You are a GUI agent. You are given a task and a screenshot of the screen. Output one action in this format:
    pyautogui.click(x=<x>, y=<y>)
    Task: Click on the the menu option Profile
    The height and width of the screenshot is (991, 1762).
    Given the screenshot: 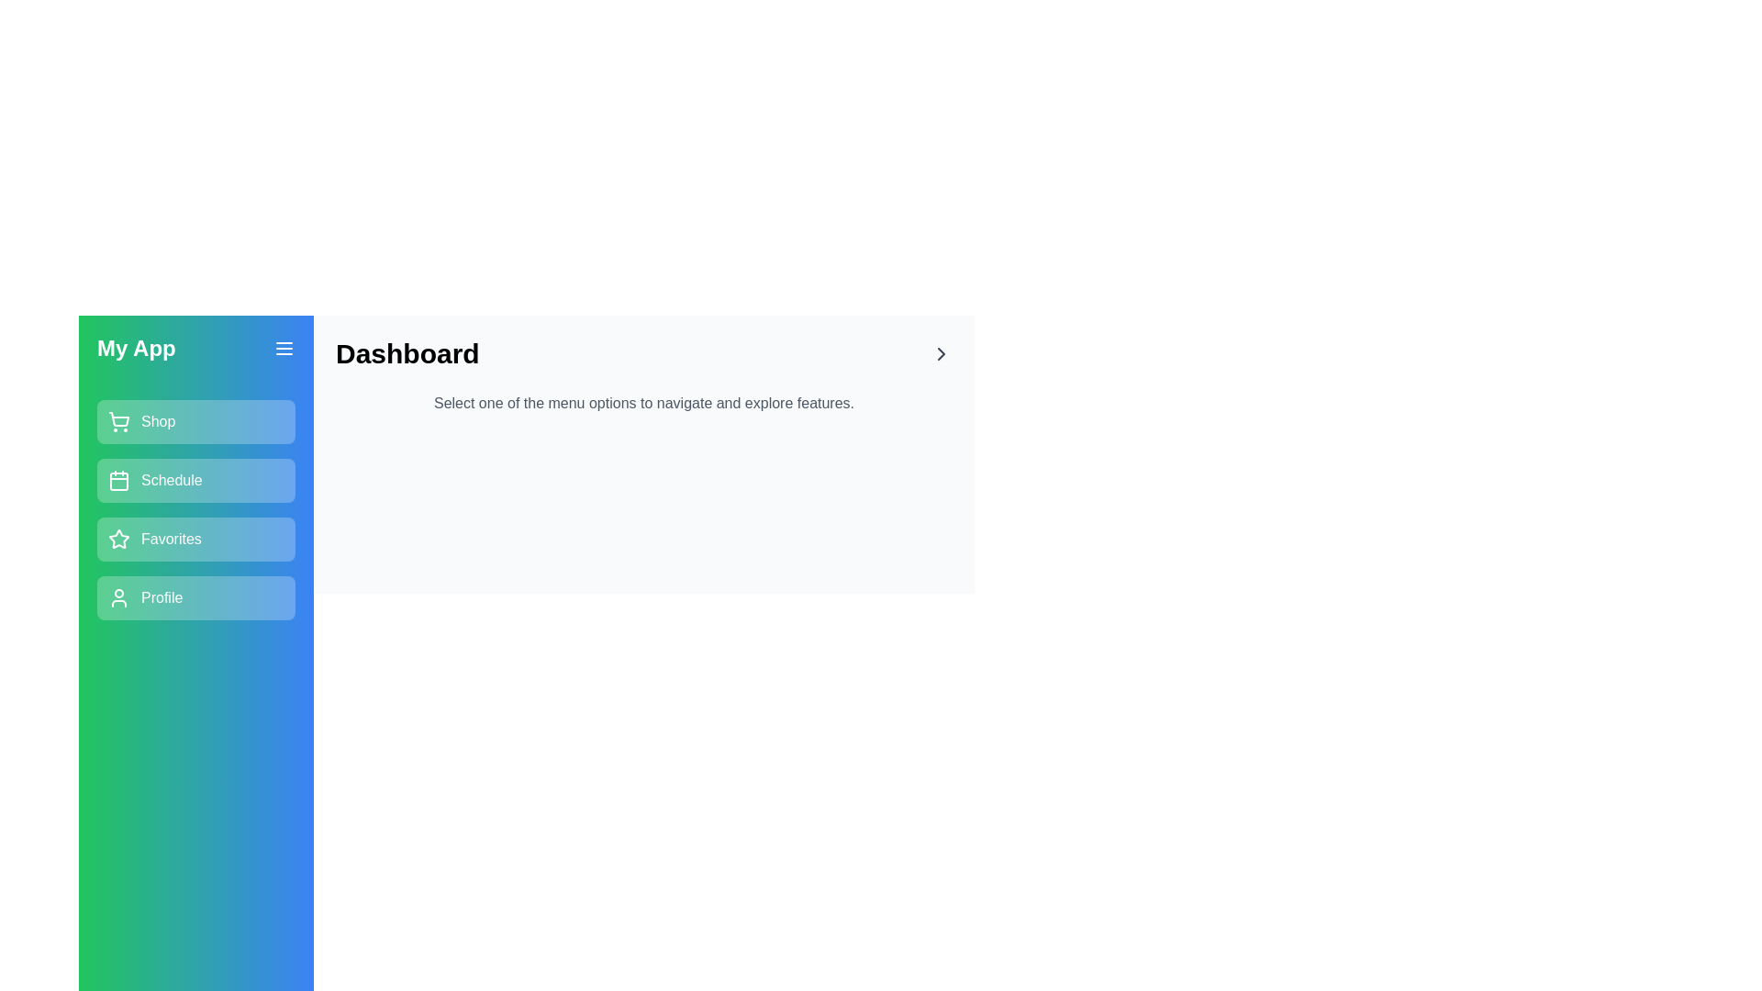 What is the action you would take?
    pyautogui.click(x=196, y=597)
    